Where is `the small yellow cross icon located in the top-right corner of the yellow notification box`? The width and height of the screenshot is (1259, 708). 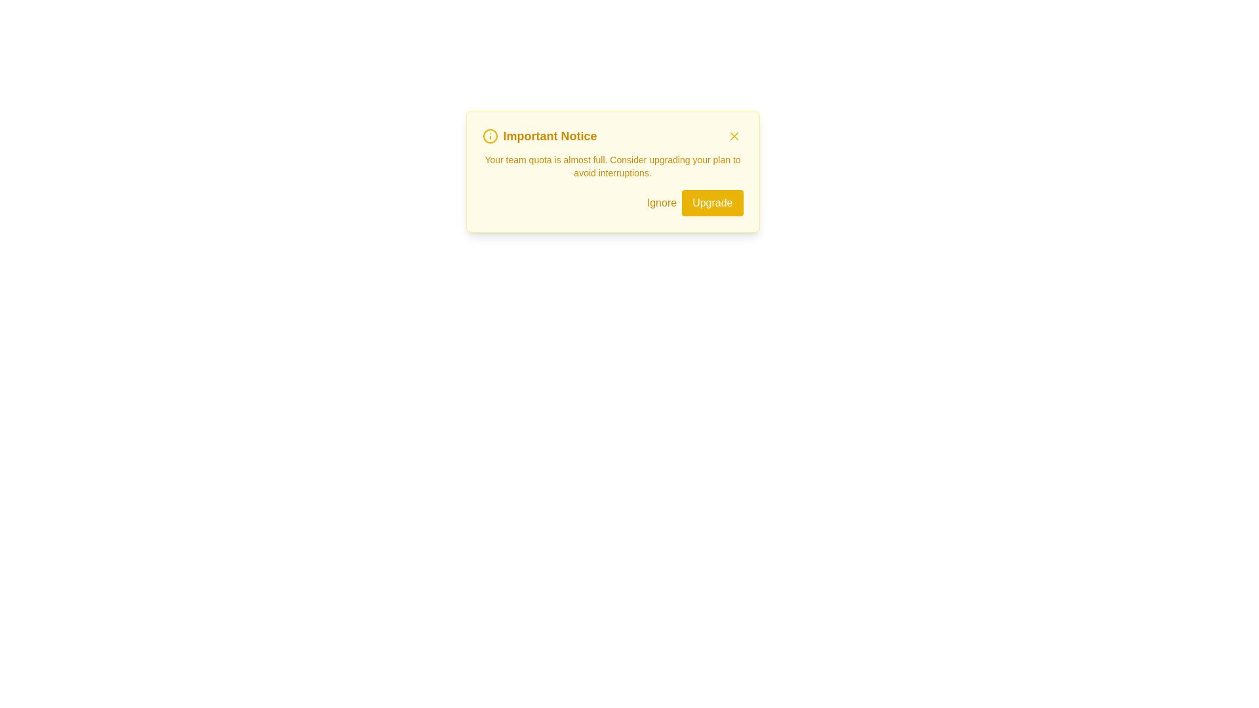 the small yellow cross icon located in the top-right corner of the yellow notification box is located at coordinates (733, 136).